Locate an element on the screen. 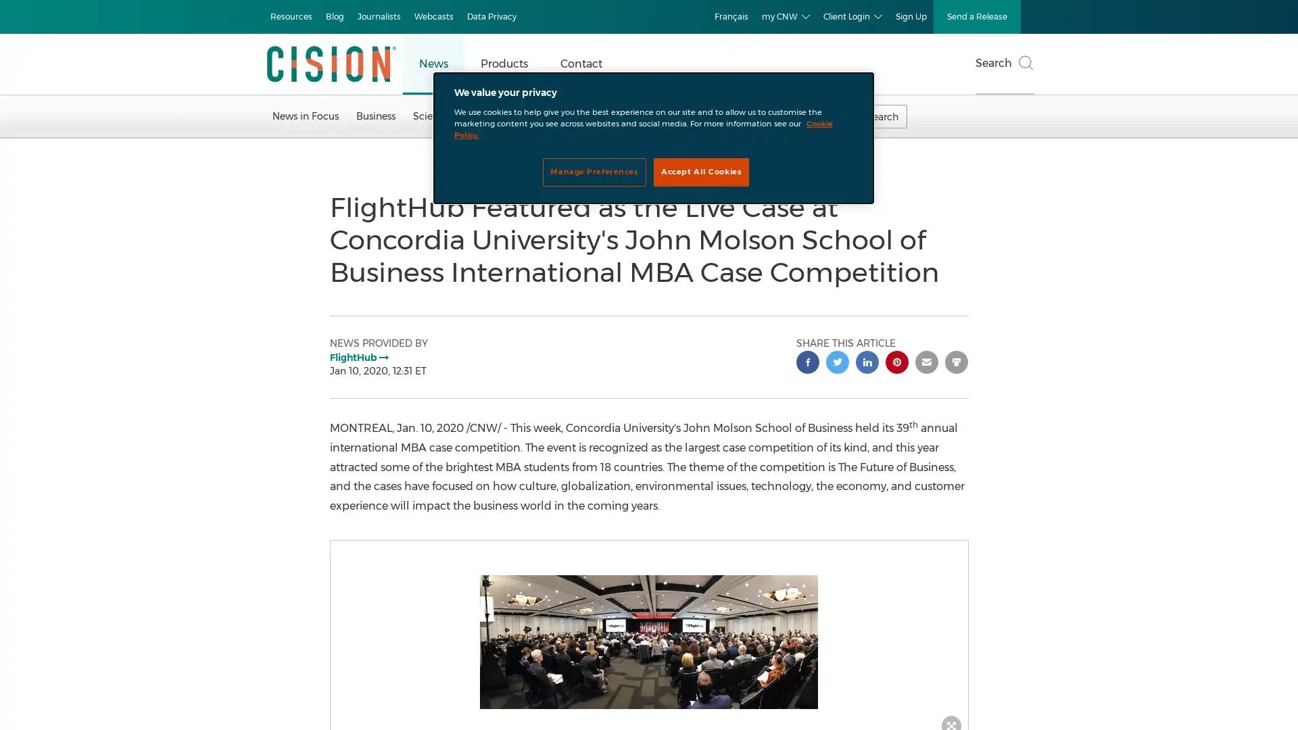  Accept All Cookies is located at coordinates (701, 171).